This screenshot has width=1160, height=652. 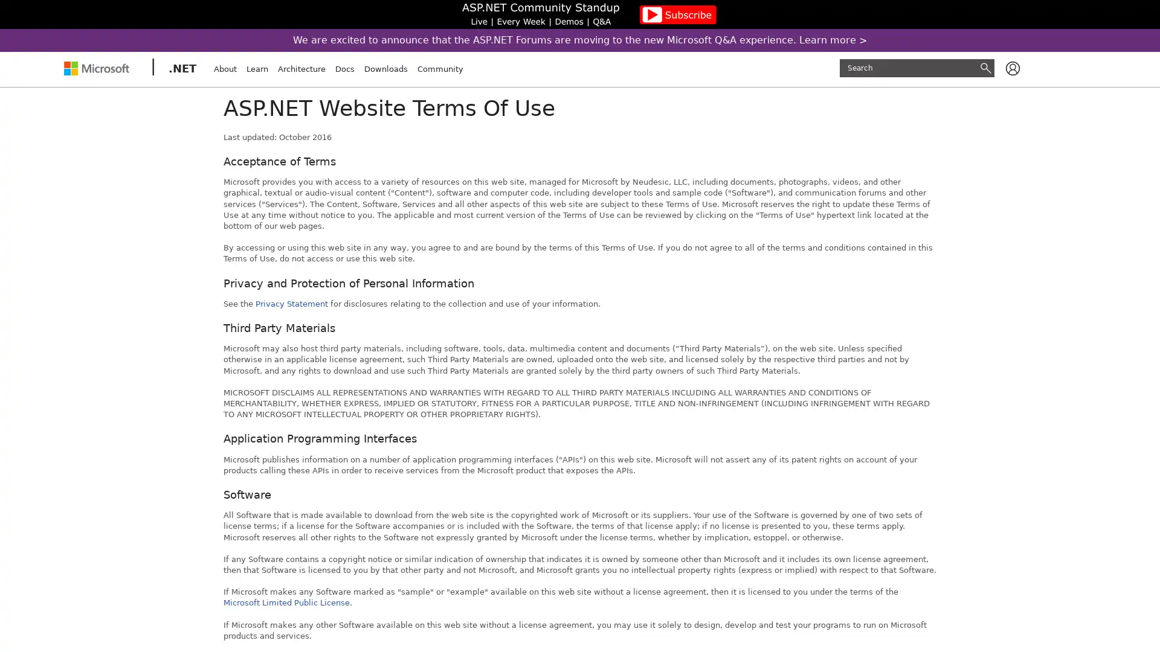 I want to click on Available actions for user, so click(x=1012, y=67).